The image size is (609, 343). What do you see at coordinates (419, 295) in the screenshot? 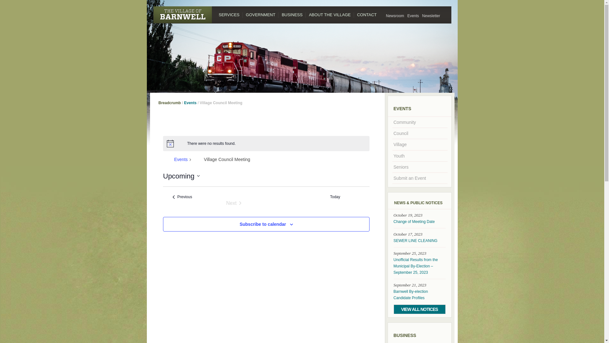
I see `'Barnwell By-election Candidate Profiles'` at bounding box center [419, 295].